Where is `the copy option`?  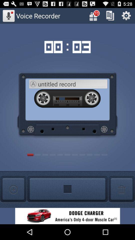
the copy option is located at coordinates (110, 15).